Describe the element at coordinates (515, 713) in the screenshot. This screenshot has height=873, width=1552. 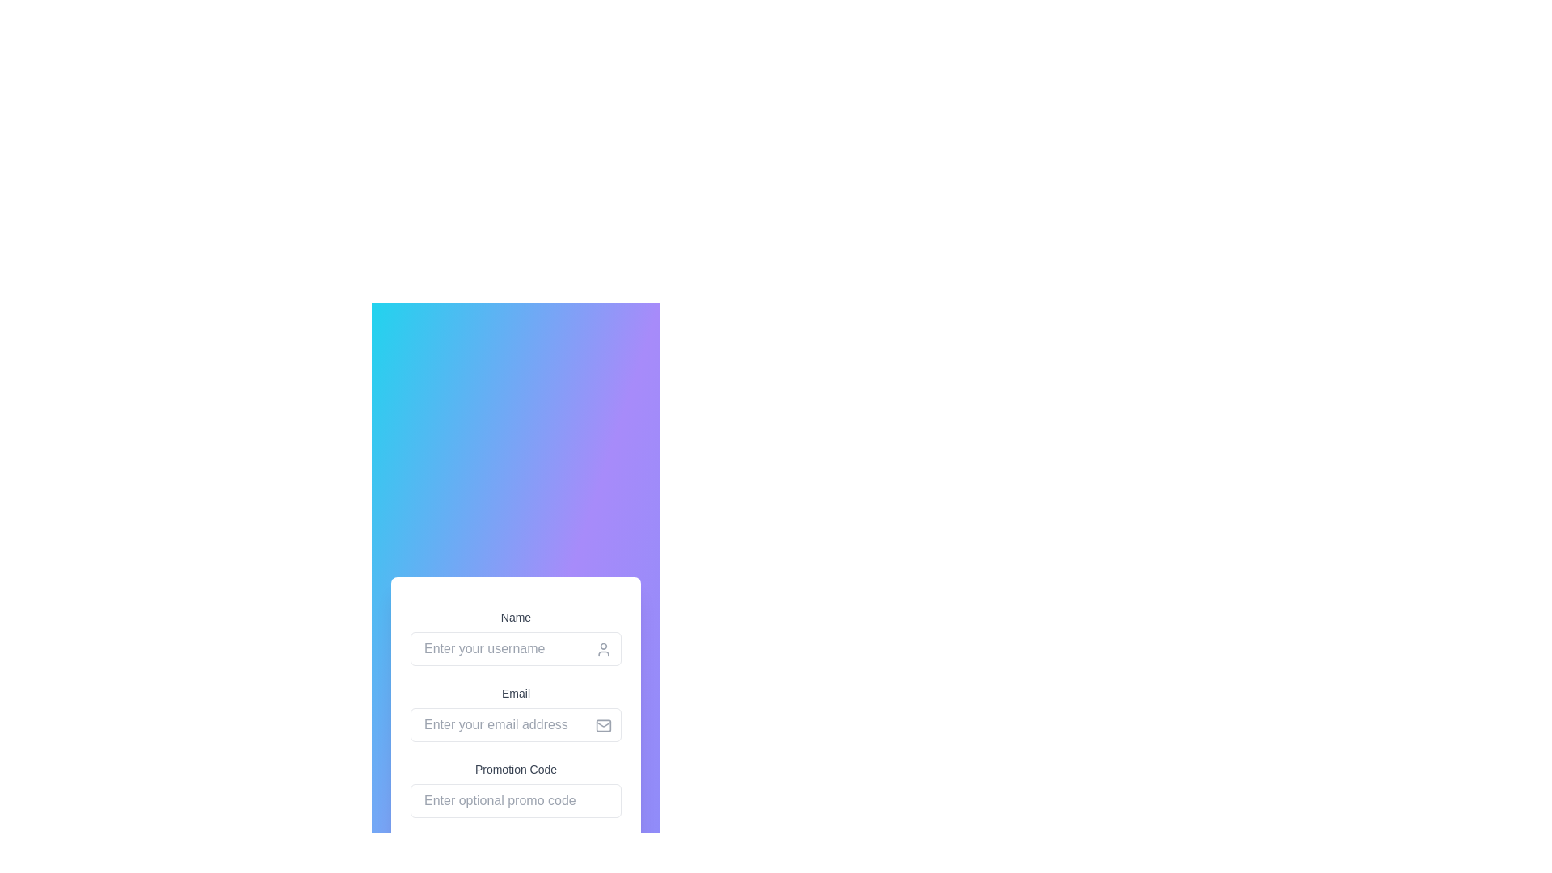
I see `the envelope icon in the email input field, which is positioned below the 'Name' field and above the 'Promotion Code' field` at that location.